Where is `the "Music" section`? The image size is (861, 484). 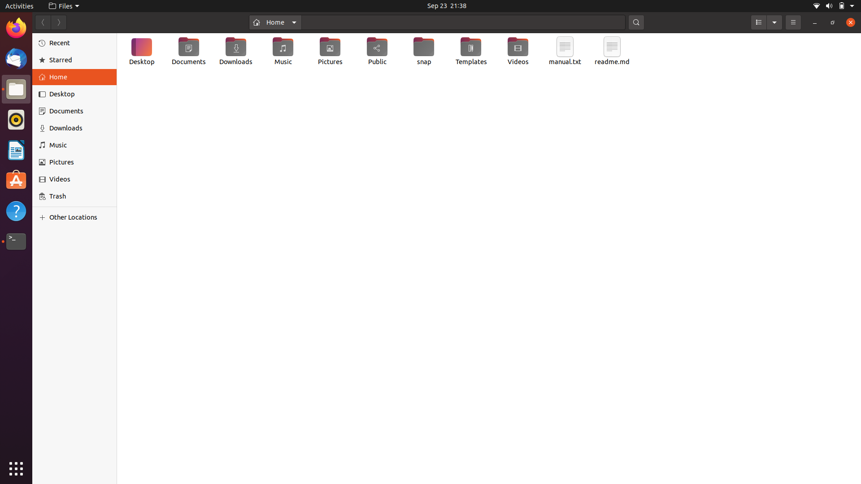 the "Music" section is located at coordinates (76, 145).